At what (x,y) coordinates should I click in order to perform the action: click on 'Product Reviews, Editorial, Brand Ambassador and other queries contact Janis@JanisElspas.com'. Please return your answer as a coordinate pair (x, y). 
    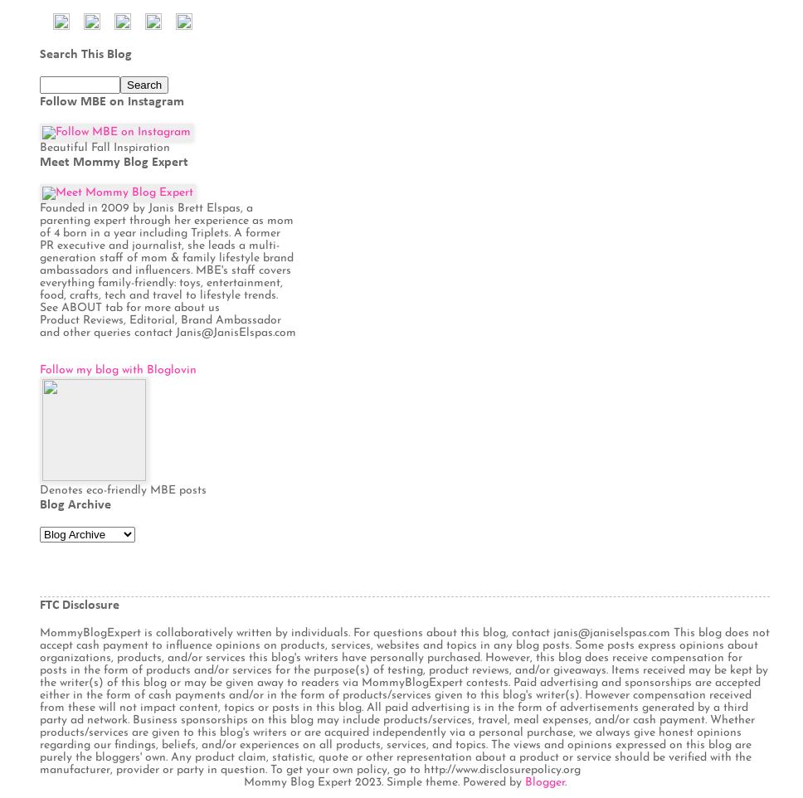
    Looking at the image, I should click on (168, 324).